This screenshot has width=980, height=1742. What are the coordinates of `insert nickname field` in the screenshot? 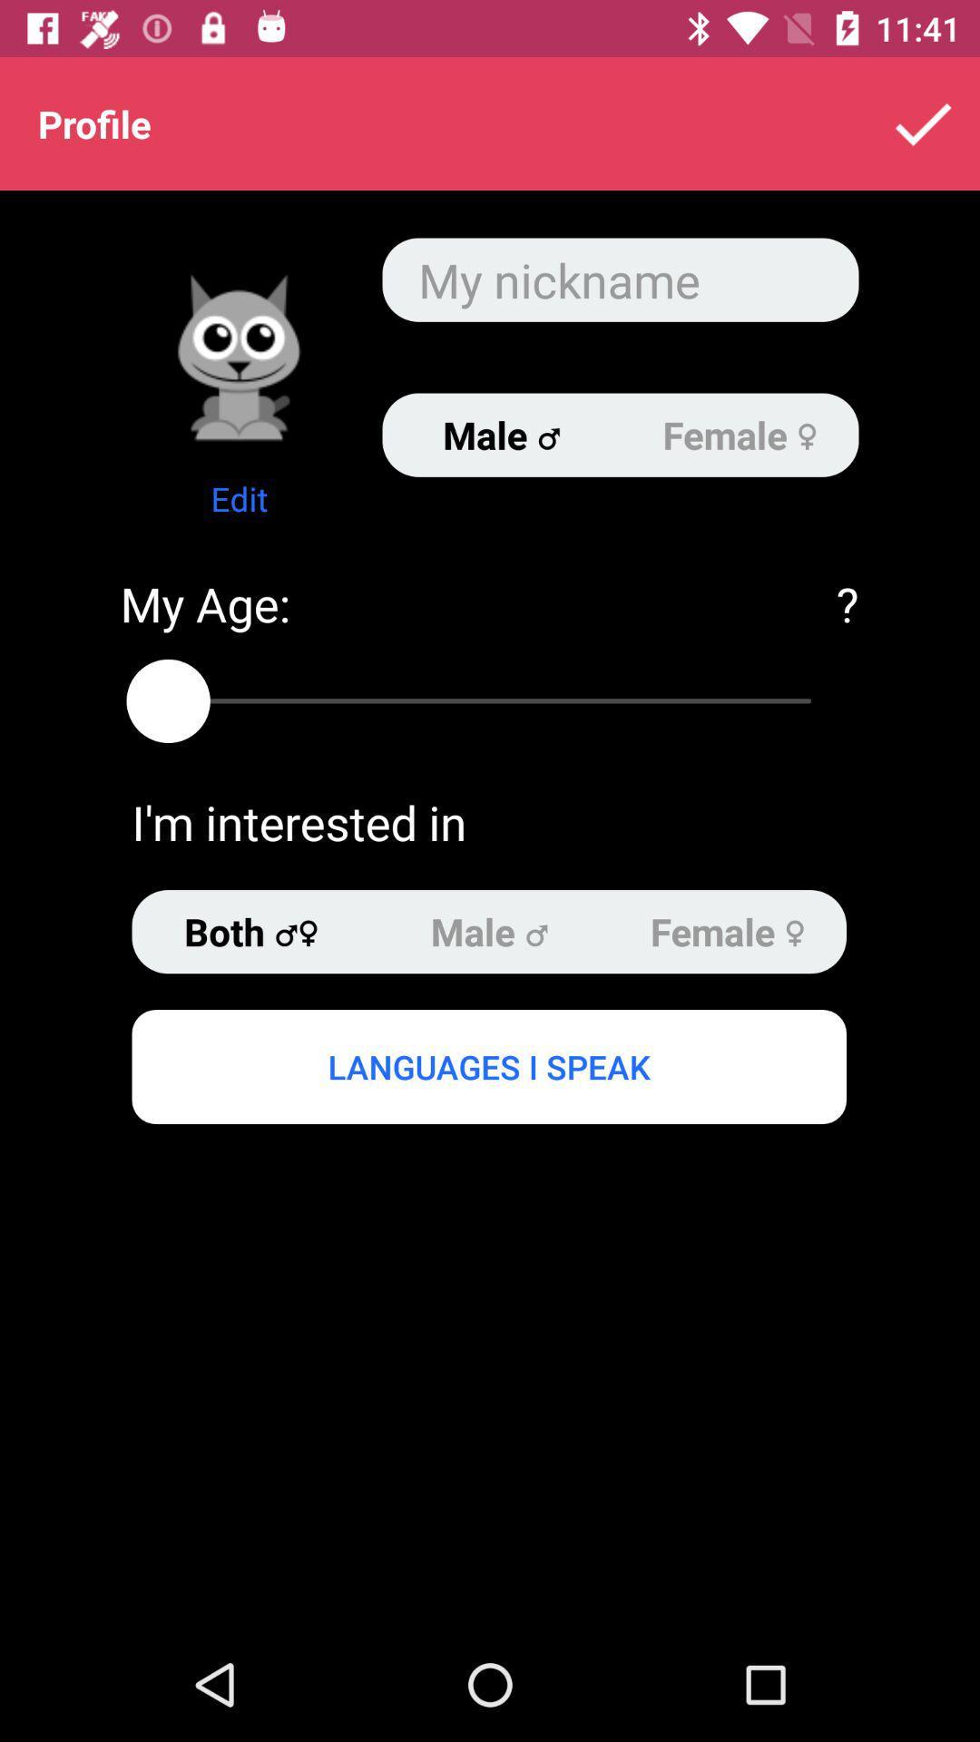 It's located at (619, 279).